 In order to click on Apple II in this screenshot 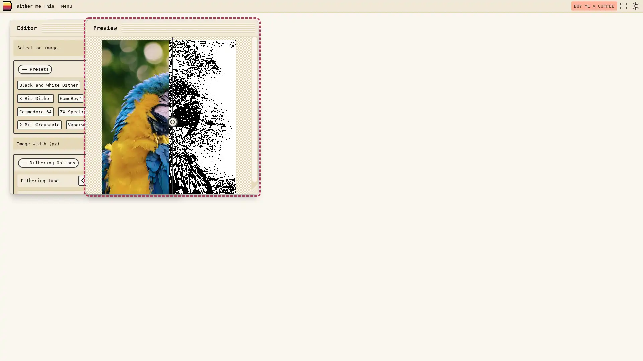, I will do `click(130, 98)`.